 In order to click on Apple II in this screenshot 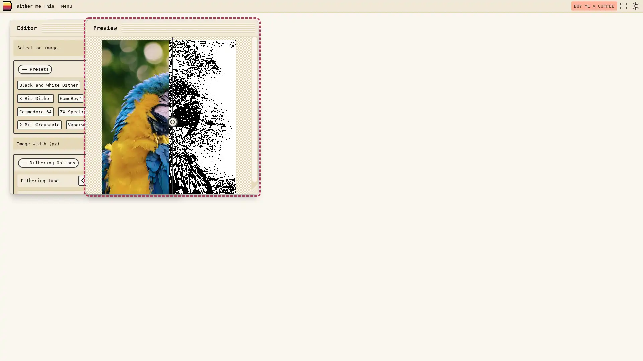, I will do `click(130, 98)`.